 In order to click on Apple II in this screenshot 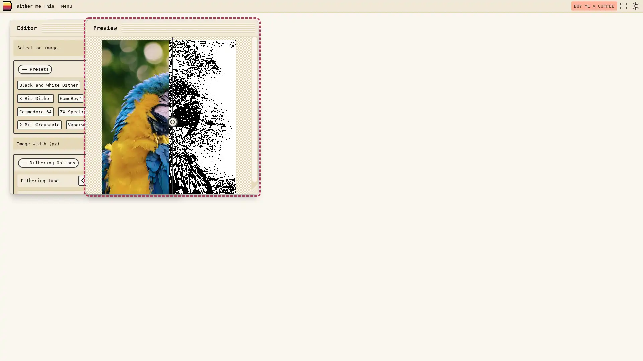, I will do `click(130, 98)`.